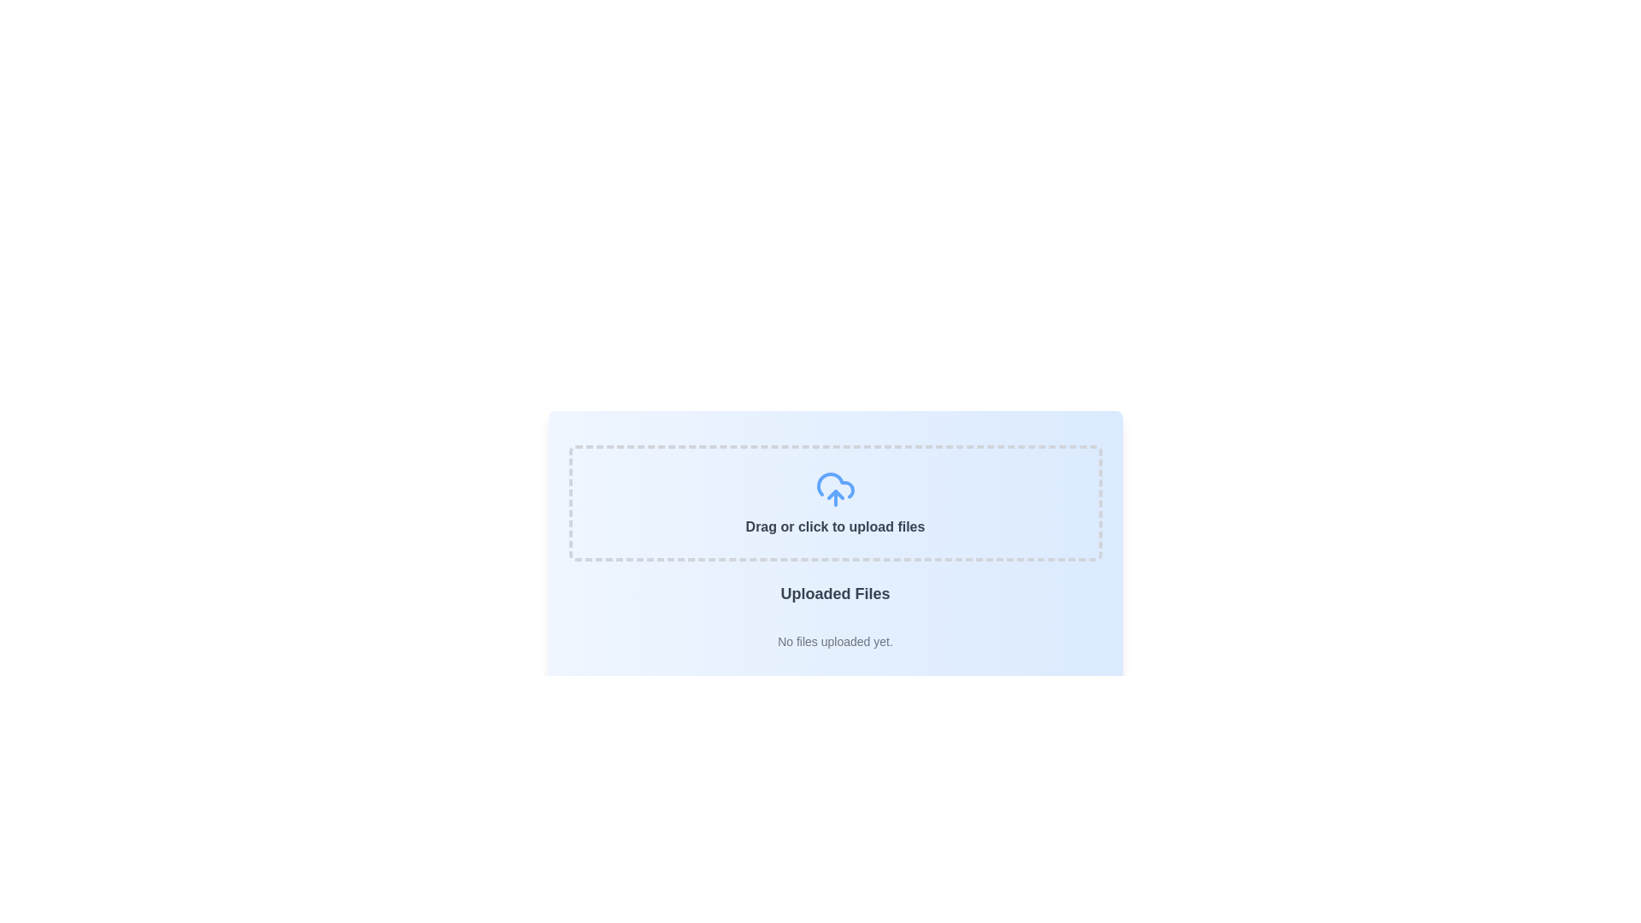 The height and width of the screenshot is (923, 1641). Describe the element at coordinates (835, 490) in the screenshot. I see `the upload icon located centrally above the text 'Drag or click to upload files' to initiate the upload process` at that location.